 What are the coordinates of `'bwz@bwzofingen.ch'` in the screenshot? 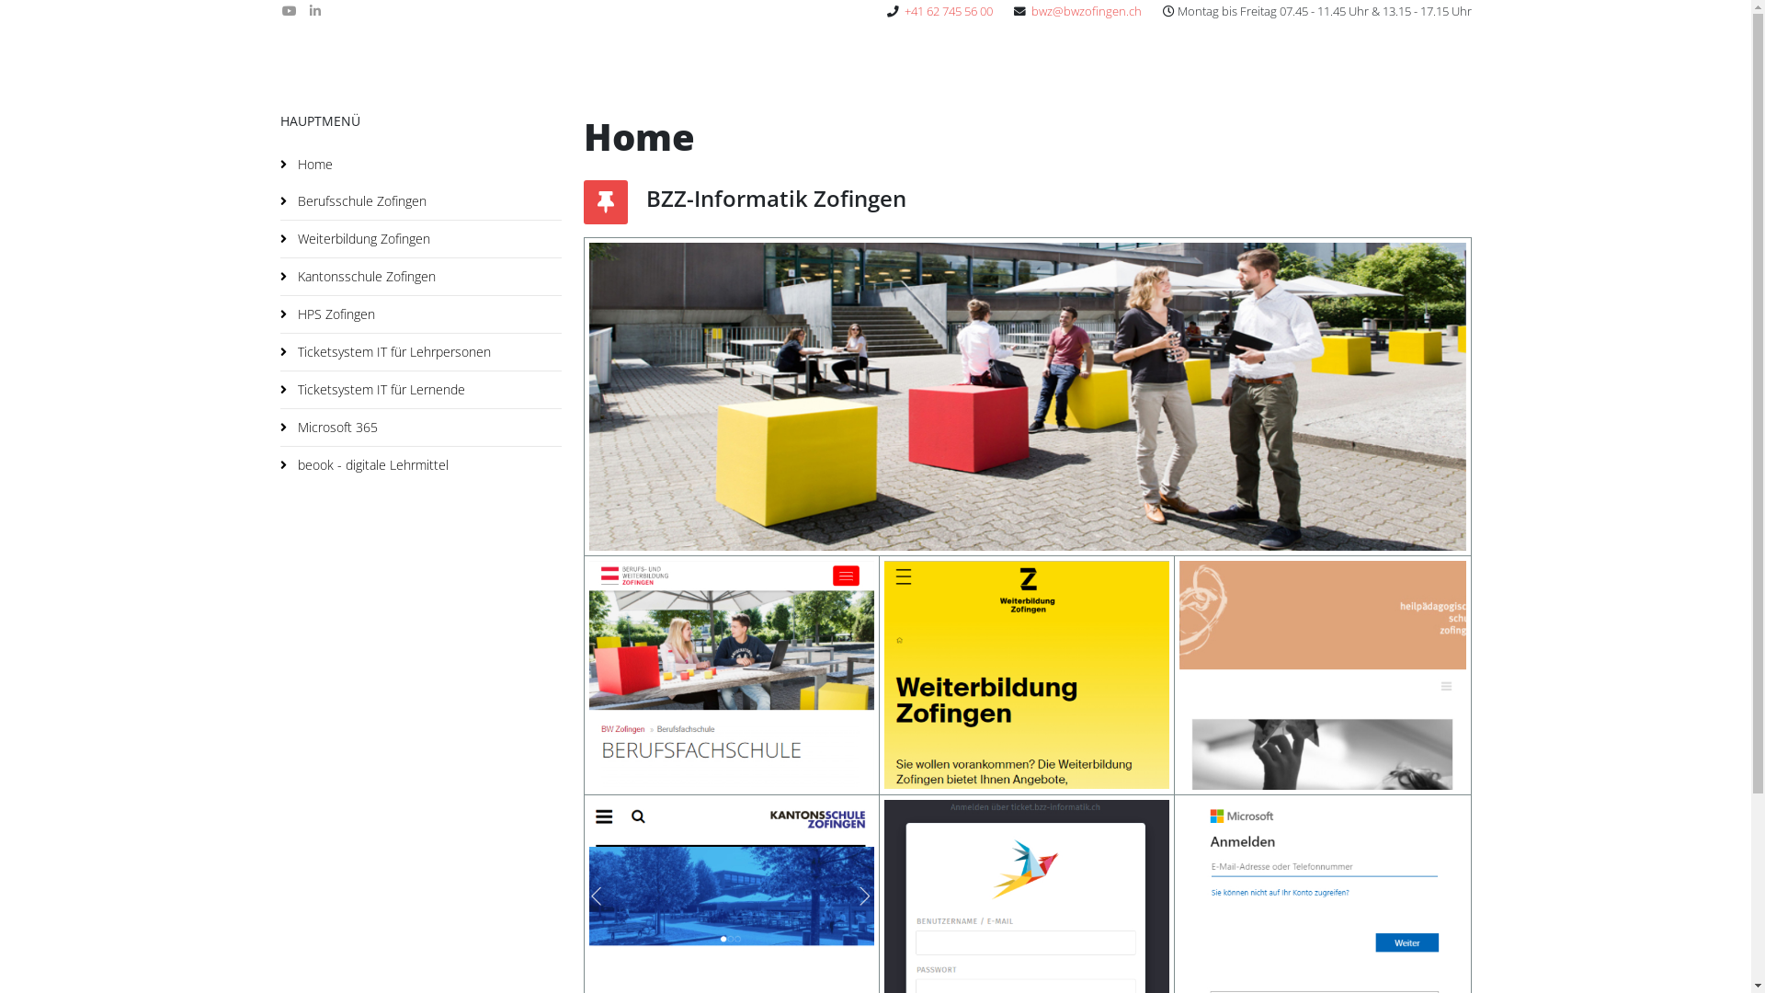 It's located at (1086, 11).